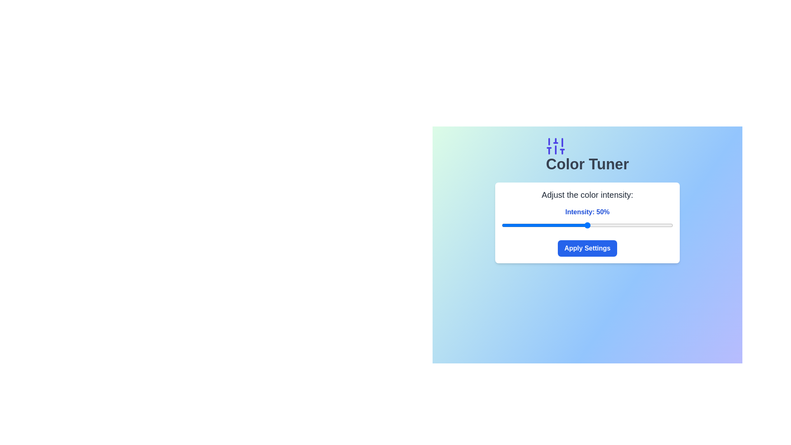  Describe the element at coordinates (596, 225) in the screenshot. I see `the slider to set the intensity to 55%` at that location.